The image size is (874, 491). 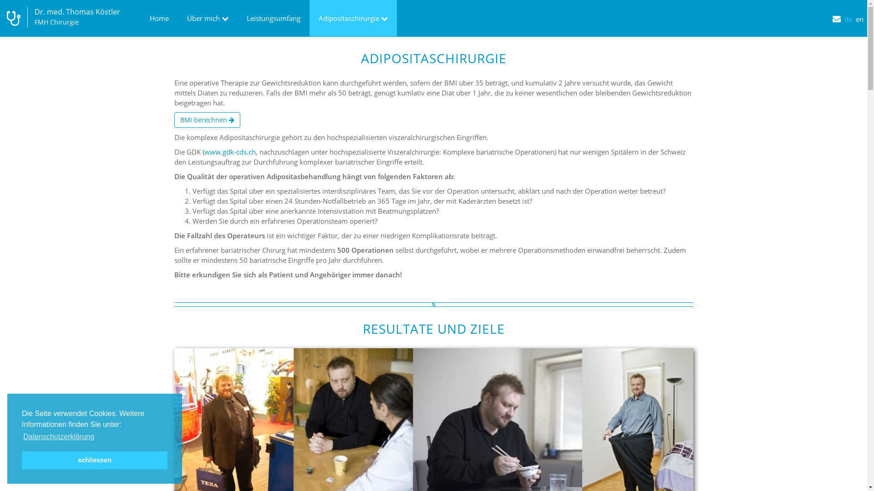 What do you see at coordinates (849, 12) in the screenshot?
I see `'de'` at bounding box center [849, 12].